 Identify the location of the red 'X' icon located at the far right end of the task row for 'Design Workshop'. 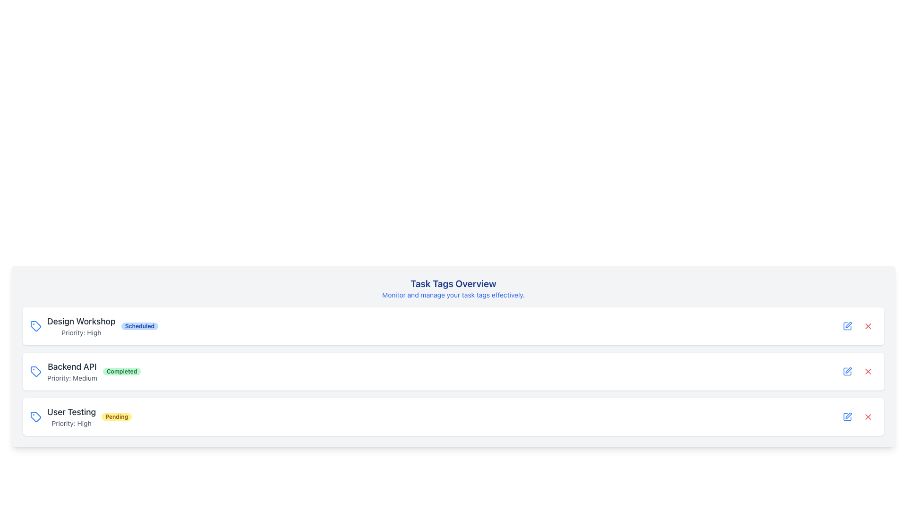
(868, 325).